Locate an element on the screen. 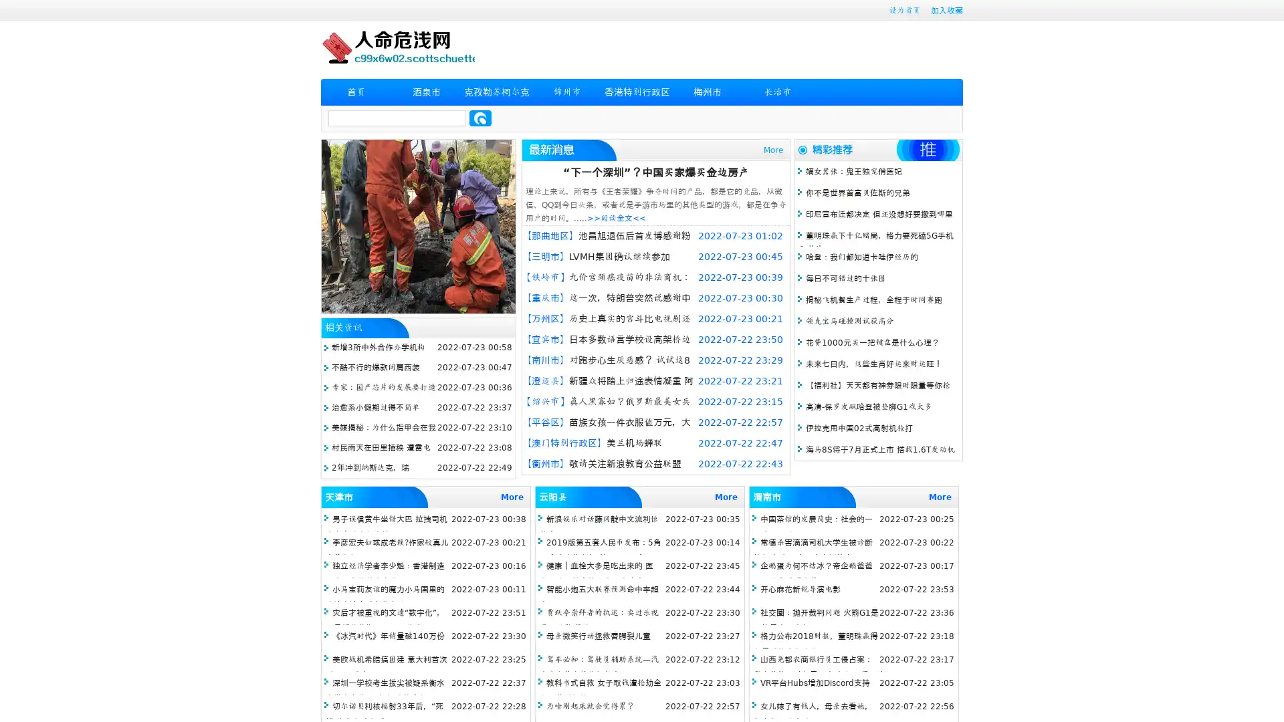  Search is located at coordinates (480, 118).